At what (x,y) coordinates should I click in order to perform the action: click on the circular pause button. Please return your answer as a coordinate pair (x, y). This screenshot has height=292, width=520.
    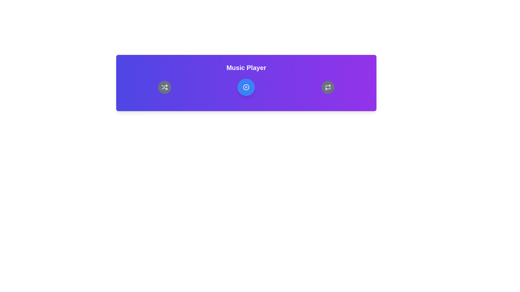
    Looking at the image, I should click on (246, 87).